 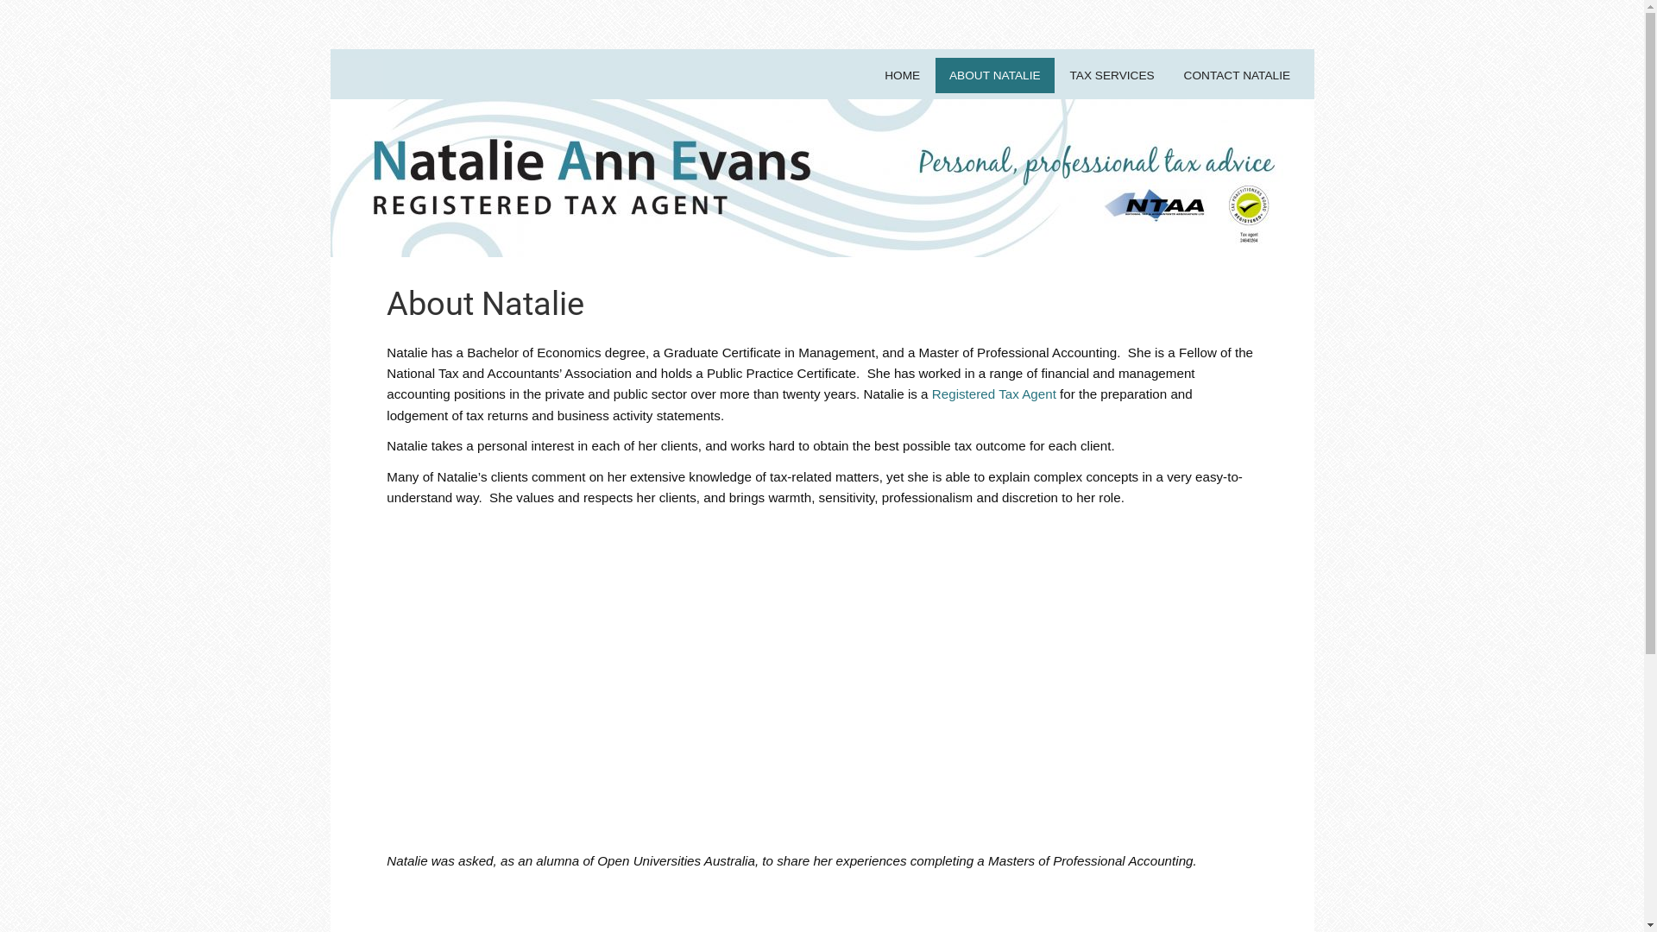 What do you see at coordinates (994, 74) in the screenshot?
I see `'ABOUT NATALIE'` at bounding box center [994, 74].